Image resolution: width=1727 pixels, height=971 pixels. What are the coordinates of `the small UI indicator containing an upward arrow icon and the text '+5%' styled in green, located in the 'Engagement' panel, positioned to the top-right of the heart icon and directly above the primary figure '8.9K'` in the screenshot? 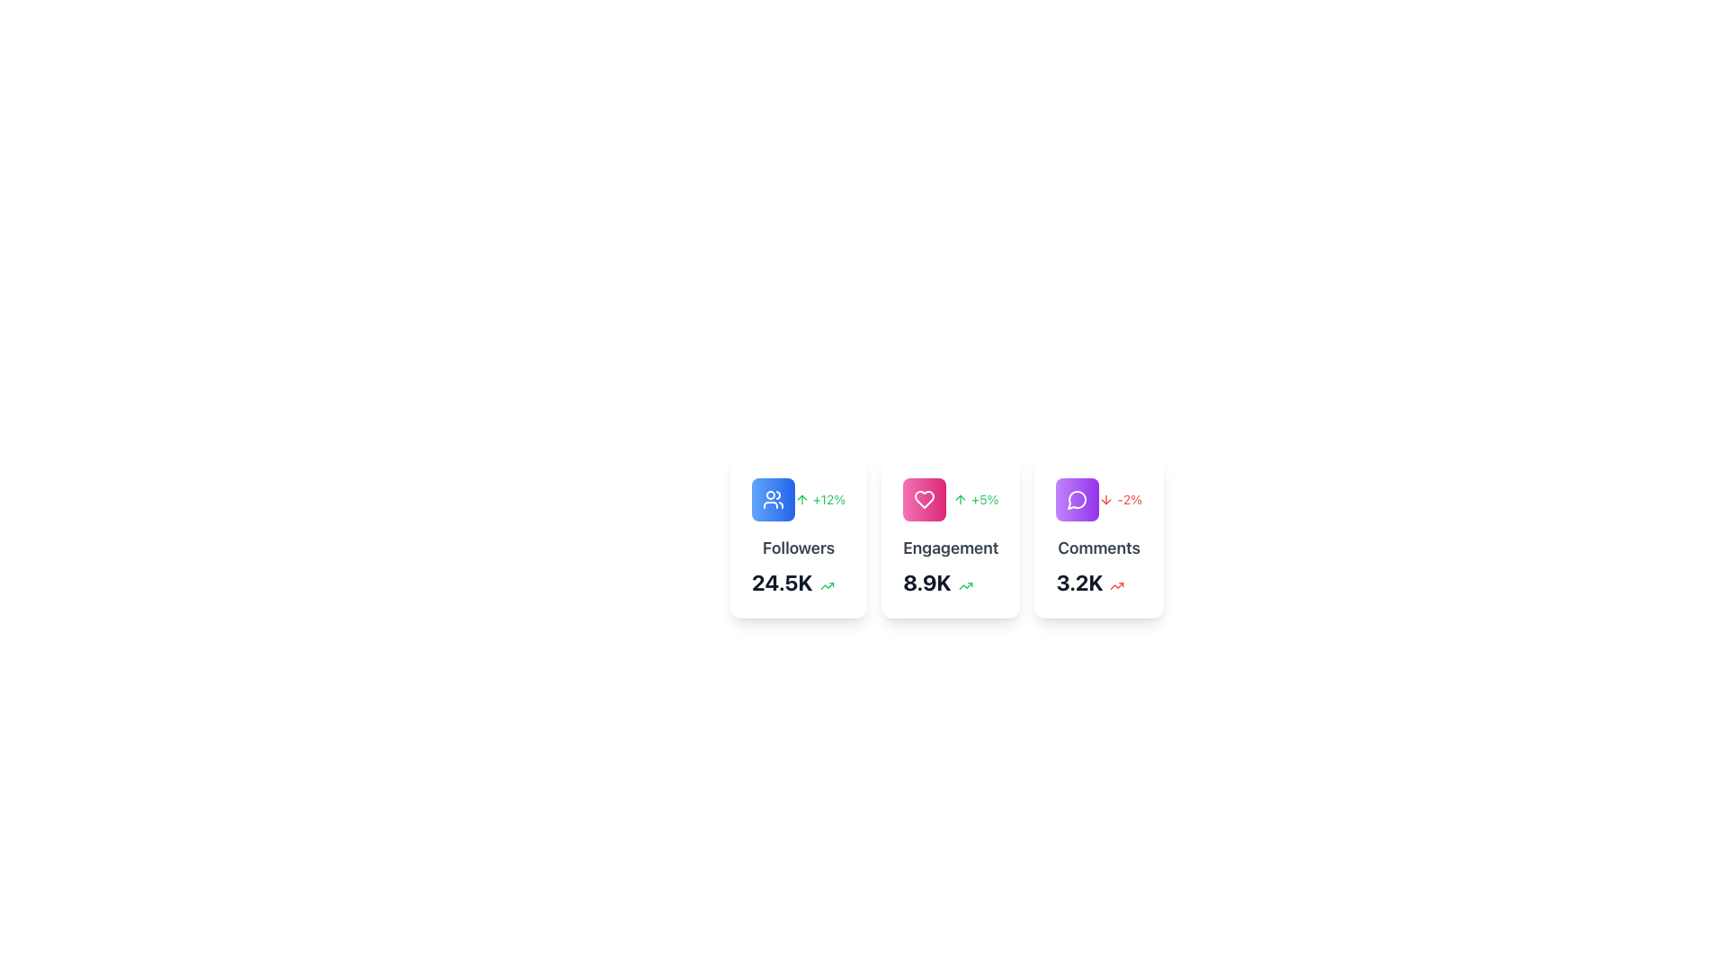 It's located at (975, 499).